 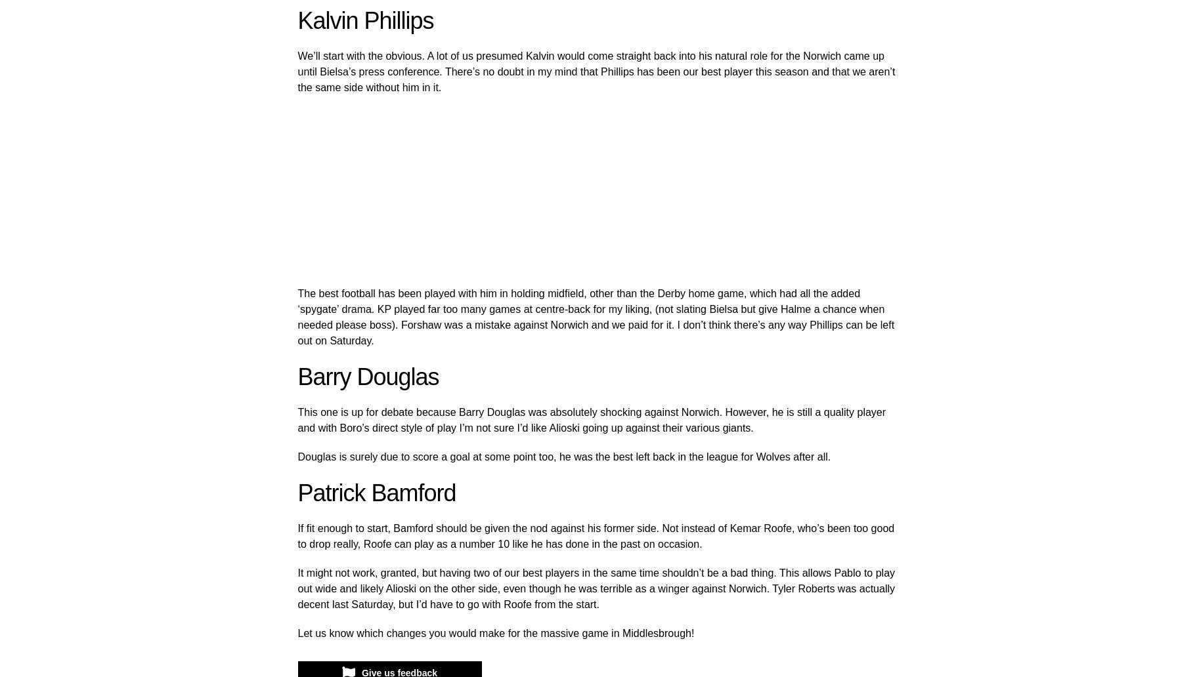 What do you see at coordinates (297, 377) in the screenshot?
I see `'Barry Douglas'` at bounding box center [297, 377].